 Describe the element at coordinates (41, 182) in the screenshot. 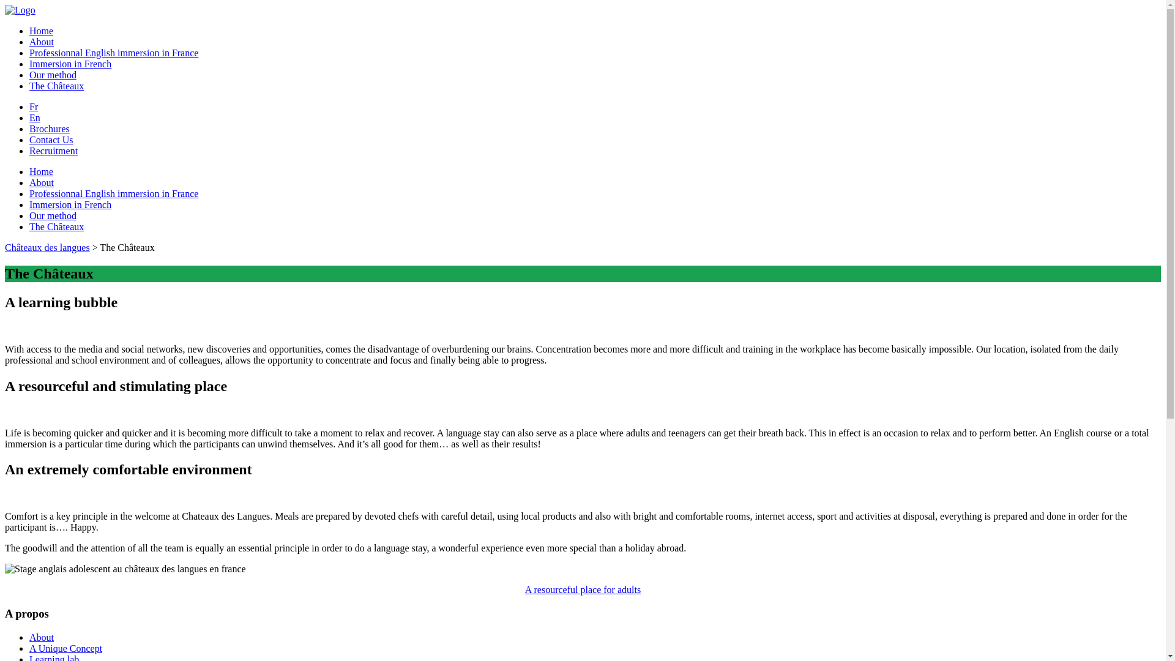

I see `'About'` at that location.